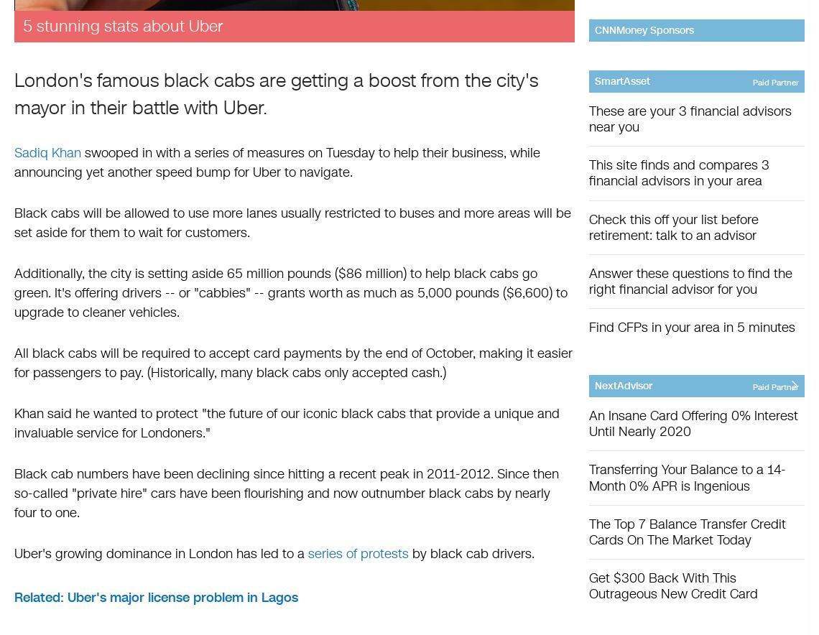  I want to click on 'These are your 3 financial advisors near you', so click(690, 119).